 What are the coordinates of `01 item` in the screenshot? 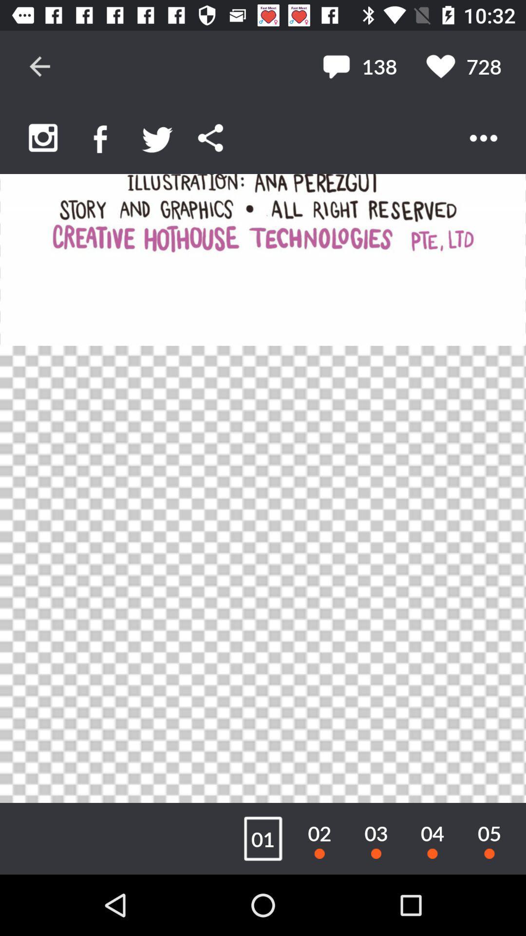 It's located at (263, 838).